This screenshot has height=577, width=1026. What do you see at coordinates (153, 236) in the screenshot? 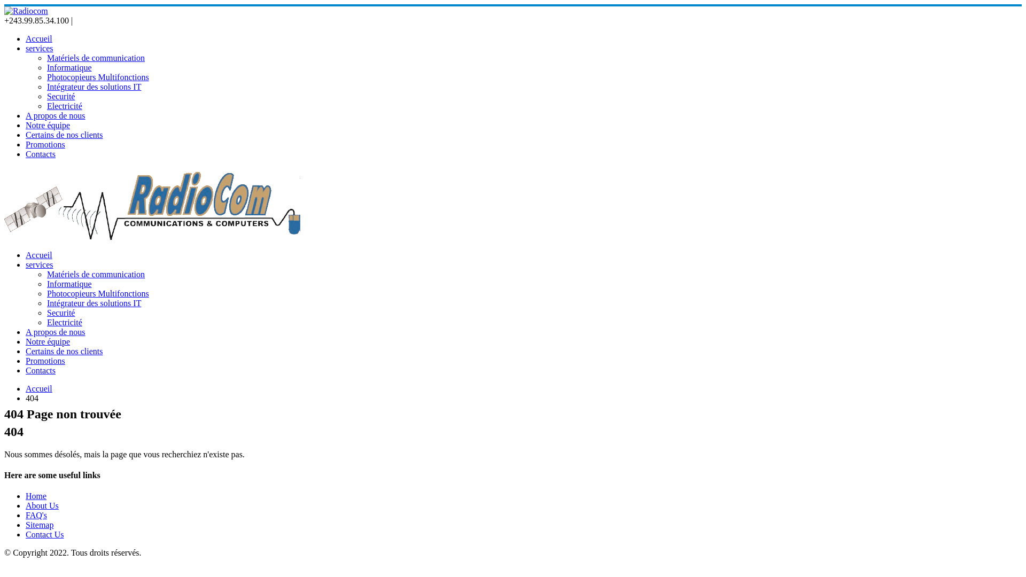
I see `'Radiocom - Communications & Computers'` at bounding box center [153, 236].